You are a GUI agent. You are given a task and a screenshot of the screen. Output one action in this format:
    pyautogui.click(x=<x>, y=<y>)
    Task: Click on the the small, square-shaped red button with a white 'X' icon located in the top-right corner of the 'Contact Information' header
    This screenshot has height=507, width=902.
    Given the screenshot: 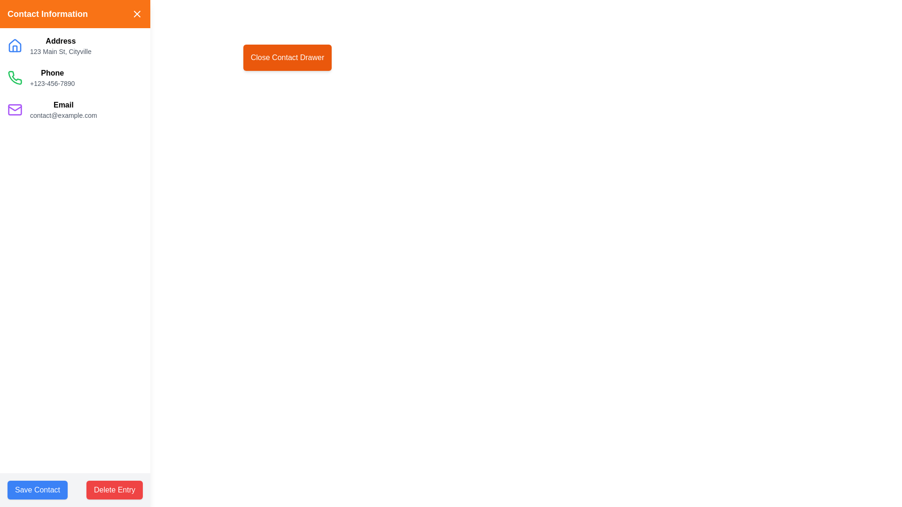 What is the action you would take?
    pyautogui.click(x=137, y=14)
    